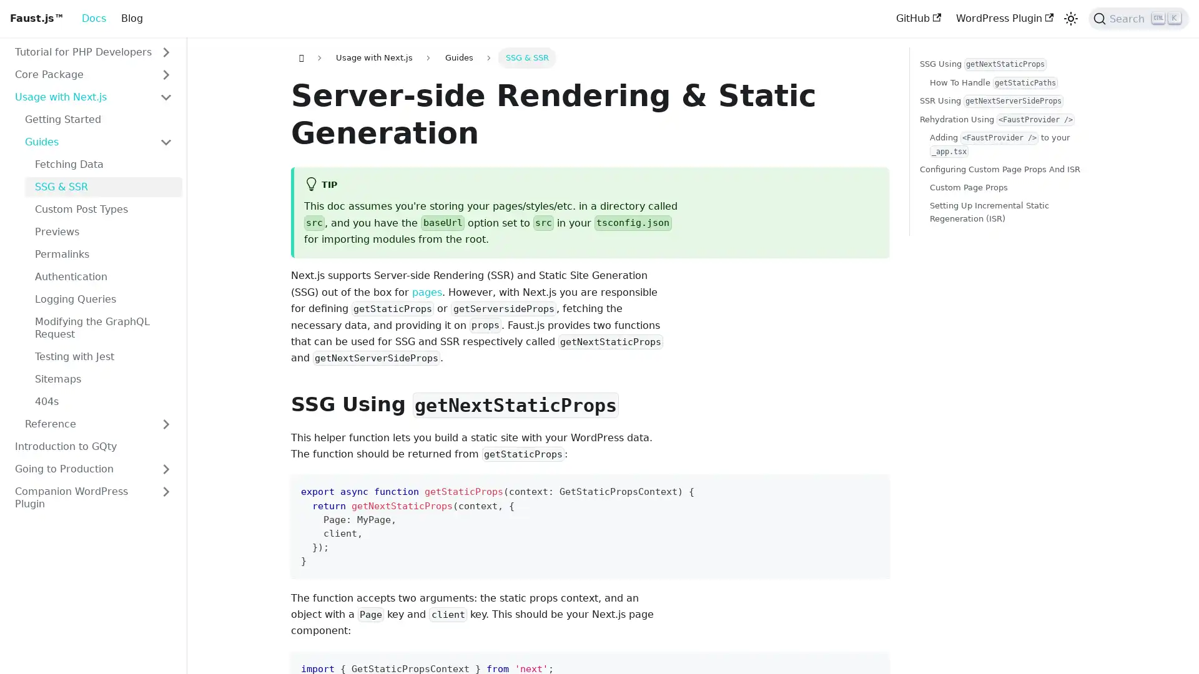  Describe the element at coordinates (1138, 19) in the screenshot. I see `Search` at that location.